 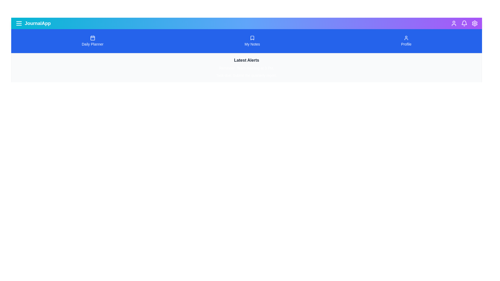 What do you see at coordinates (252, 41) in the screenshot?
I see `the navigation button labeled My Notes to navigate to the corresponding section` at bounding box center [252, 41].